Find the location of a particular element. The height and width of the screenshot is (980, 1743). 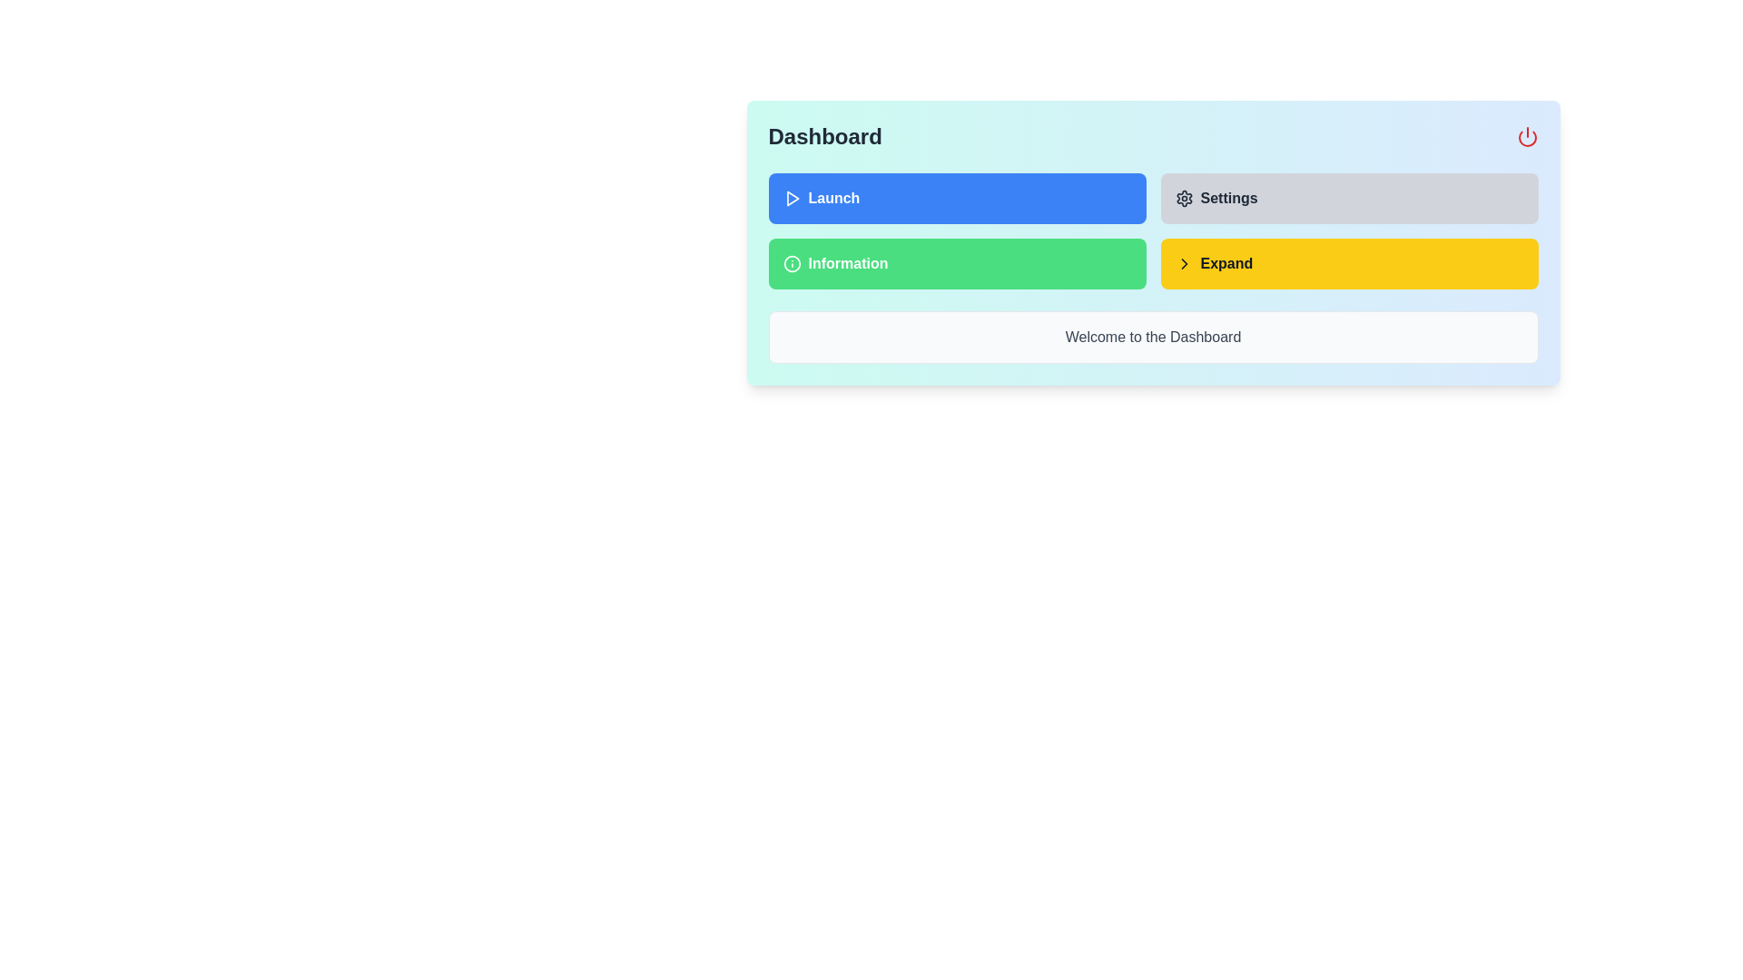

the text label displaying 'Dashboard' in bold, large-sized sans-serif font, located at the top-left corner of the header section is located at coordinates (824, 135).